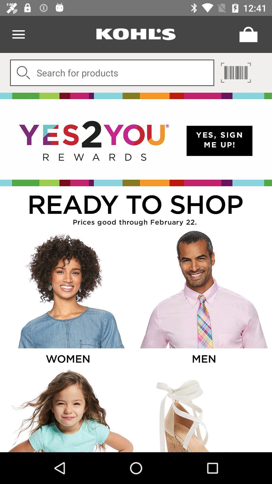 The height and width of the screenshot is (484, 272). What do you see at coordinates (236, 72) in the screenshot?
I see `search through scanner` at bounding box center [236, 72].